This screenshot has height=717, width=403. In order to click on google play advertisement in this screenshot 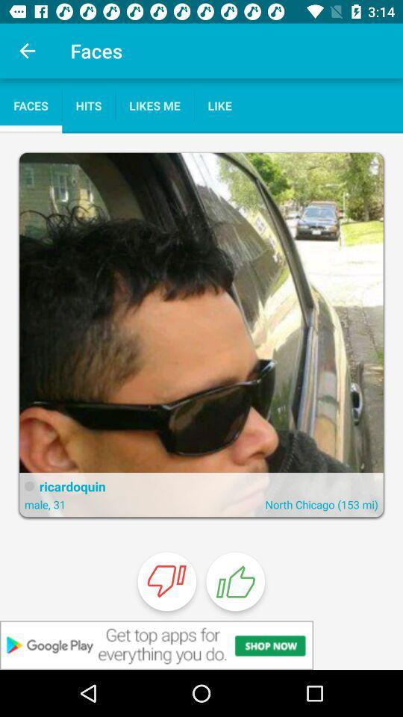, I will do `click(201, 645)`.